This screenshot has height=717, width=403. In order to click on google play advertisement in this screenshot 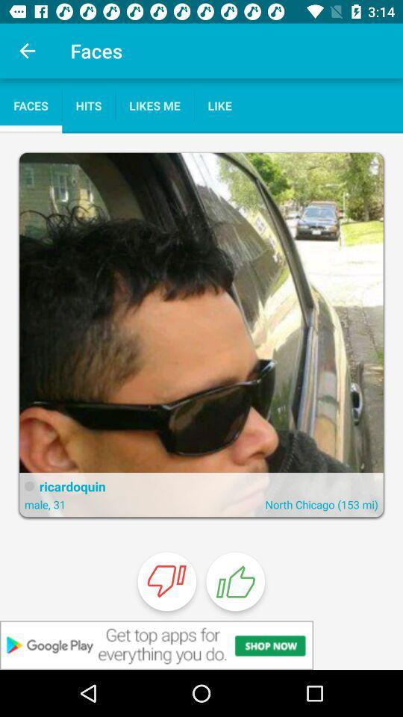, I will do `click(201, 645)`.